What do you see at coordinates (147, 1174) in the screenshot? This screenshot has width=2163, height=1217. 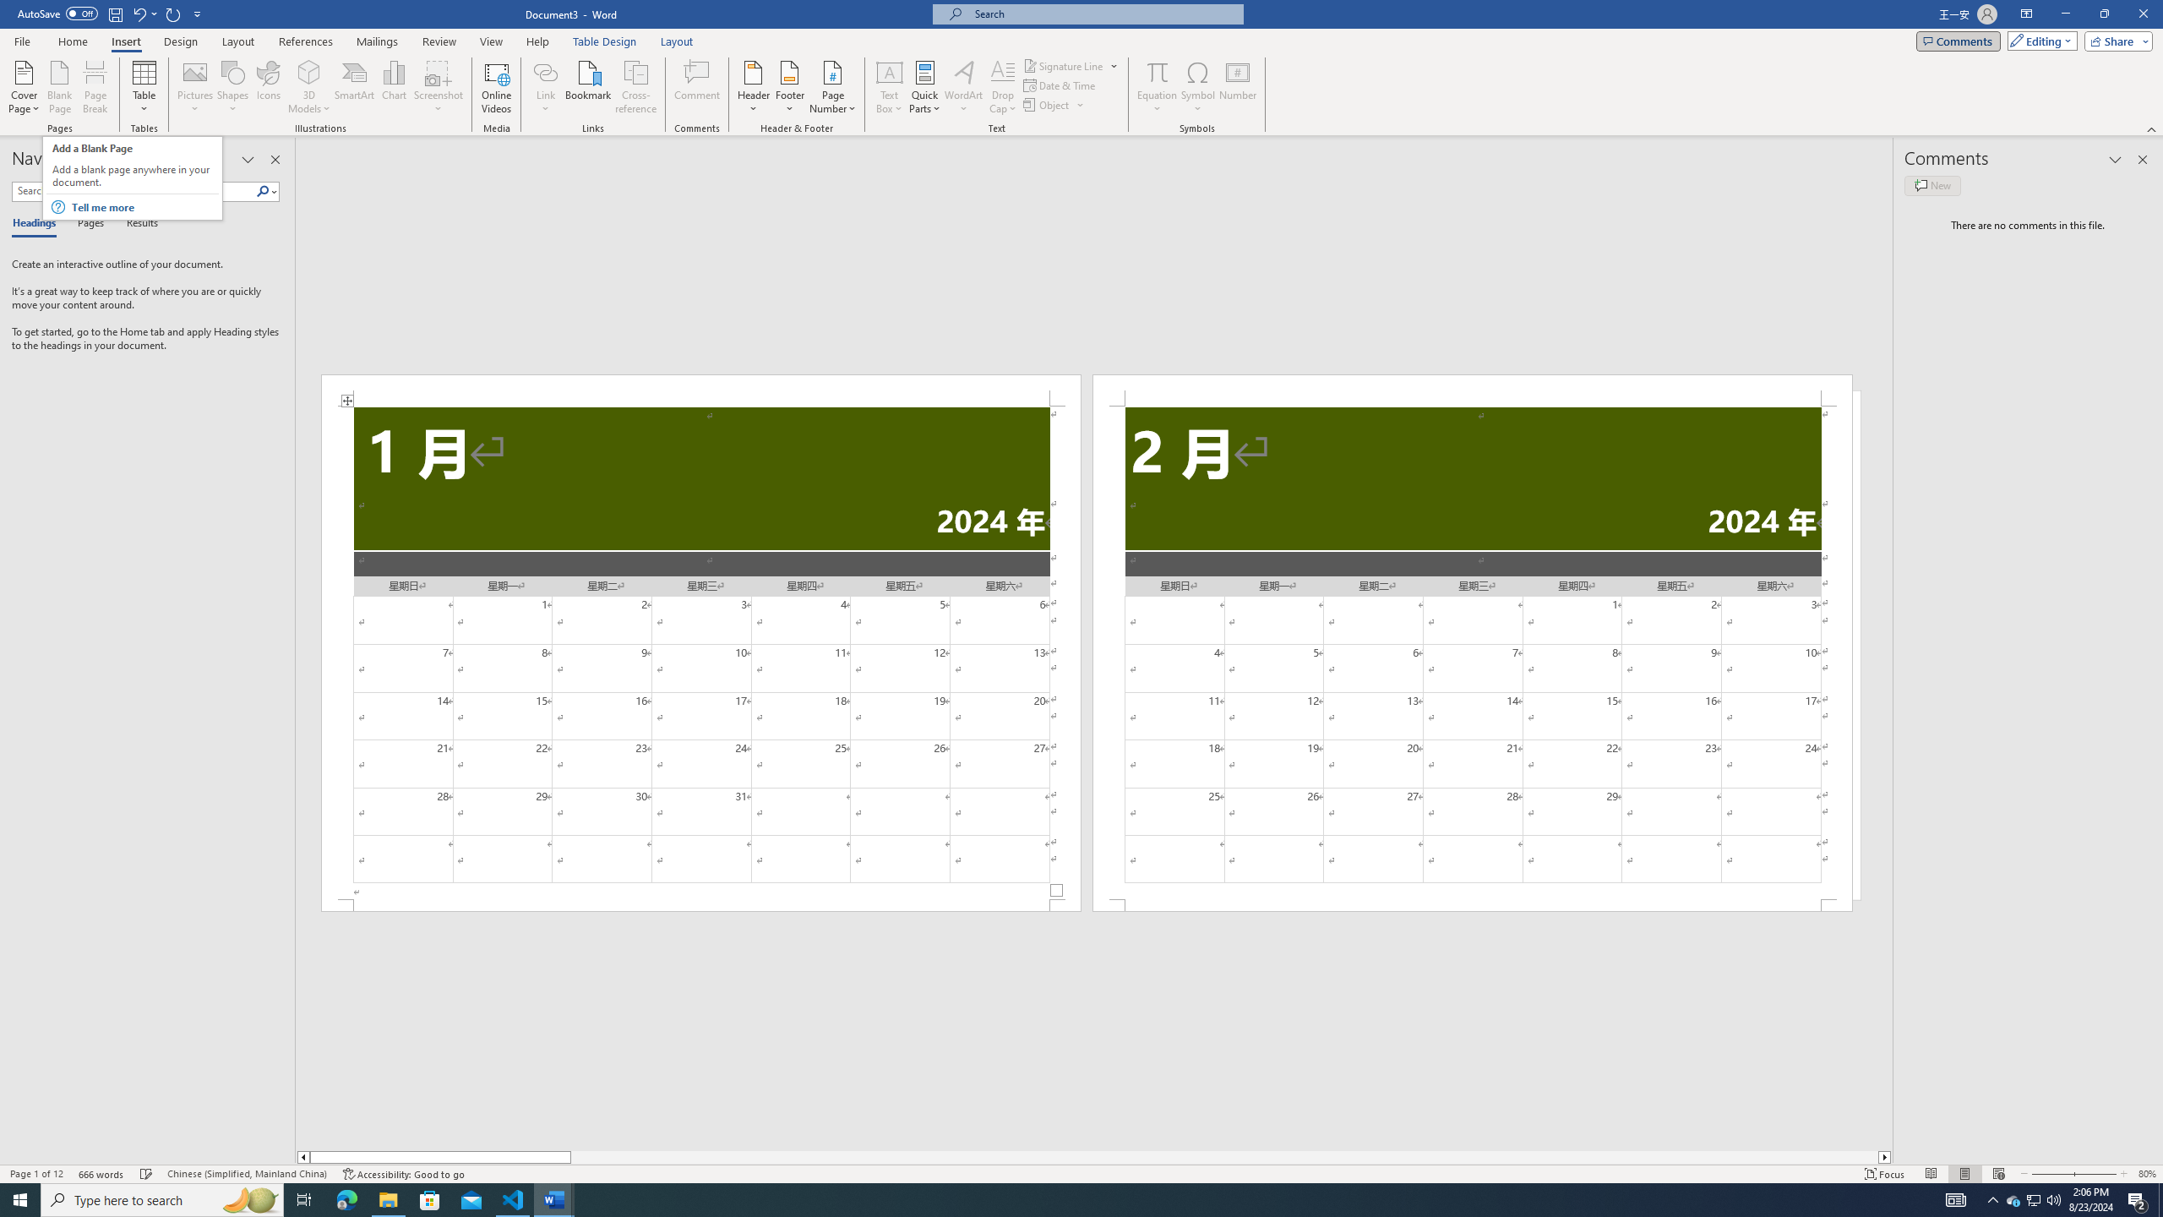 I see `'Spelling and Grammar Check Checking'` at bounding box center [147, 1174].